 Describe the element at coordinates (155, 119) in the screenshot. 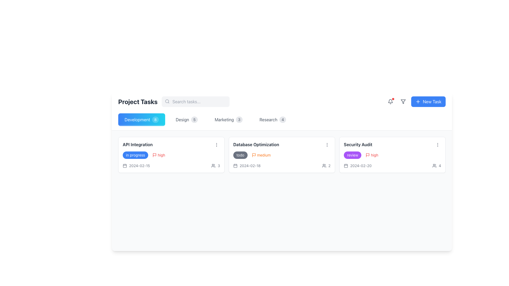

I see `the Badge displaying the numerical indication for the 'Development' category, located to the right of the 'Development' tab button in the horizontal navigation bar` at that location.